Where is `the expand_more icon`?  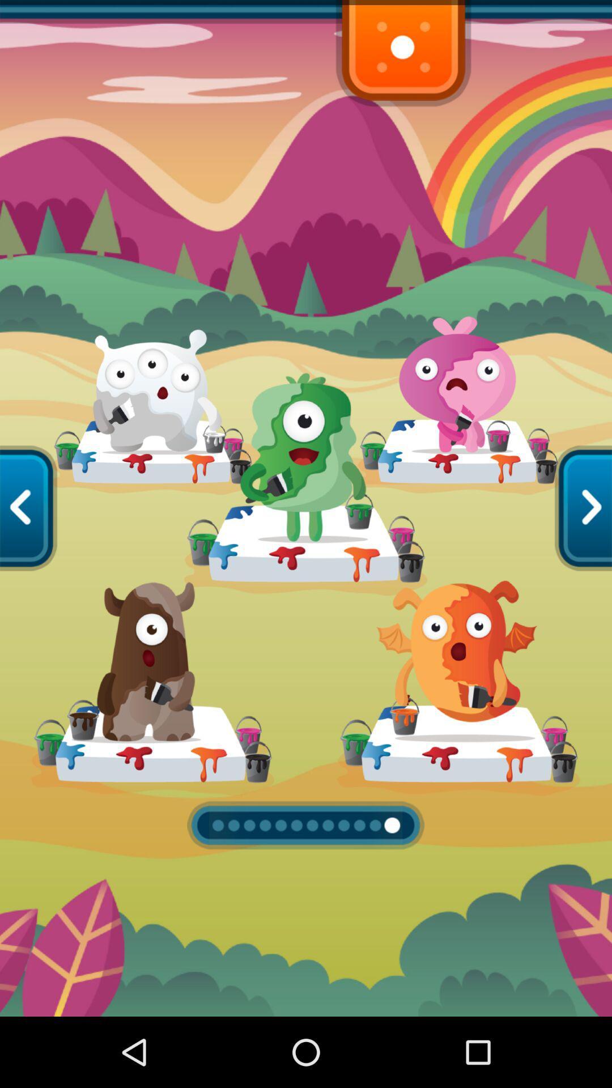
the expand_more icon is located at coordinates (179, 1009).